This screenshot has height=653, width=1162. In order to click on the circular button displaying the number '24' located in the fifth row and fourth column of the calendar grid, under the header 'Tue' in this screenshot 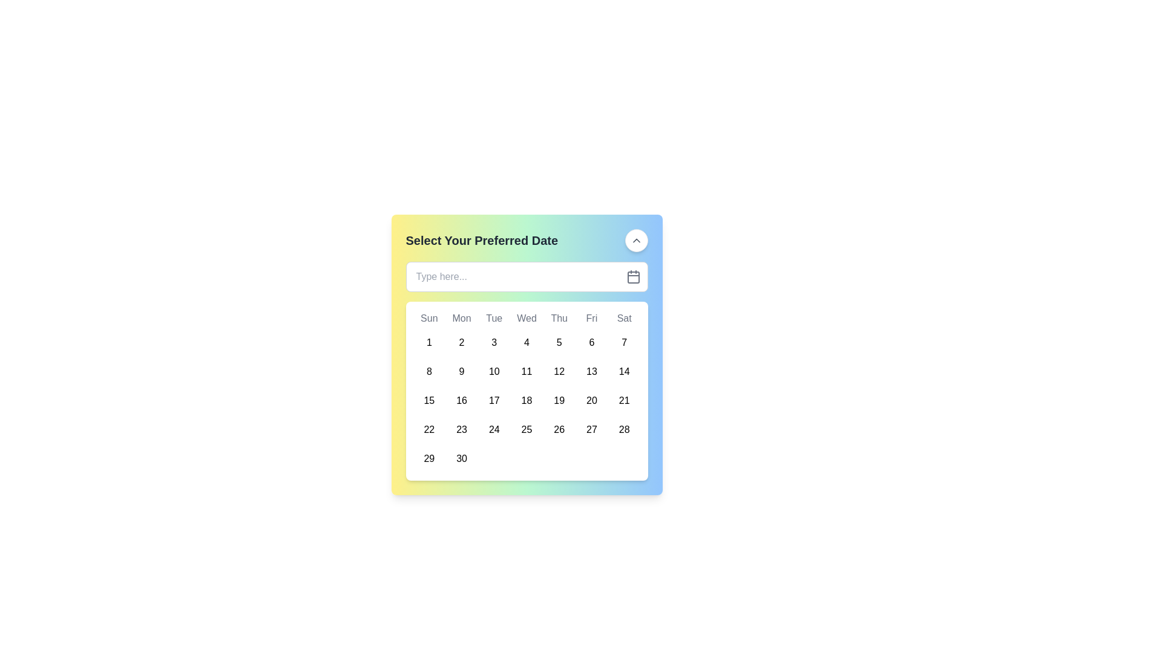, I will do `click(494, 429)`.